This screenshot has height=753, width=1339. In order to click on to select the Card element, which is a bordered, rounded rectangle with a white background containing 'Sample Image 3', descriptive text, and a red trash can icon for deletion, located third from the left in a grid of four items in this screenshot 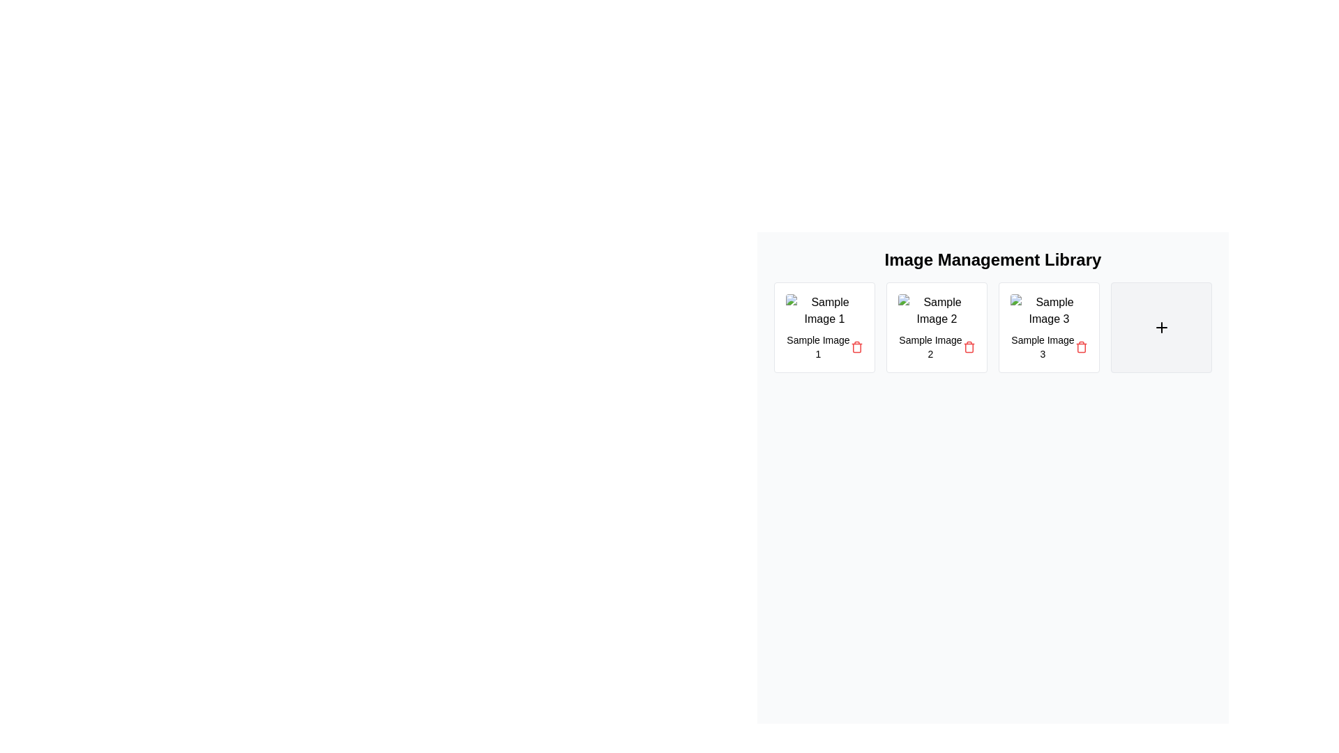, I will do `click(1049, 328)`.